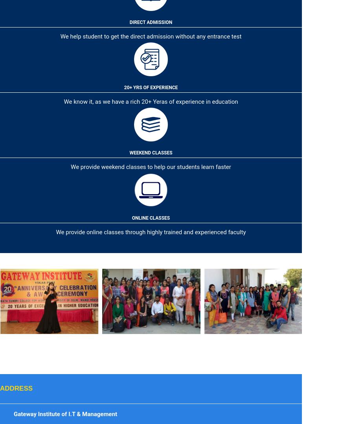 The image size is (342, 424). What do you see at coordinates (63, 101) in the screenshot?
I see `'We know it, as we have a rich 20+ Yeras of experience in education'` at bounding box center [63, 101].